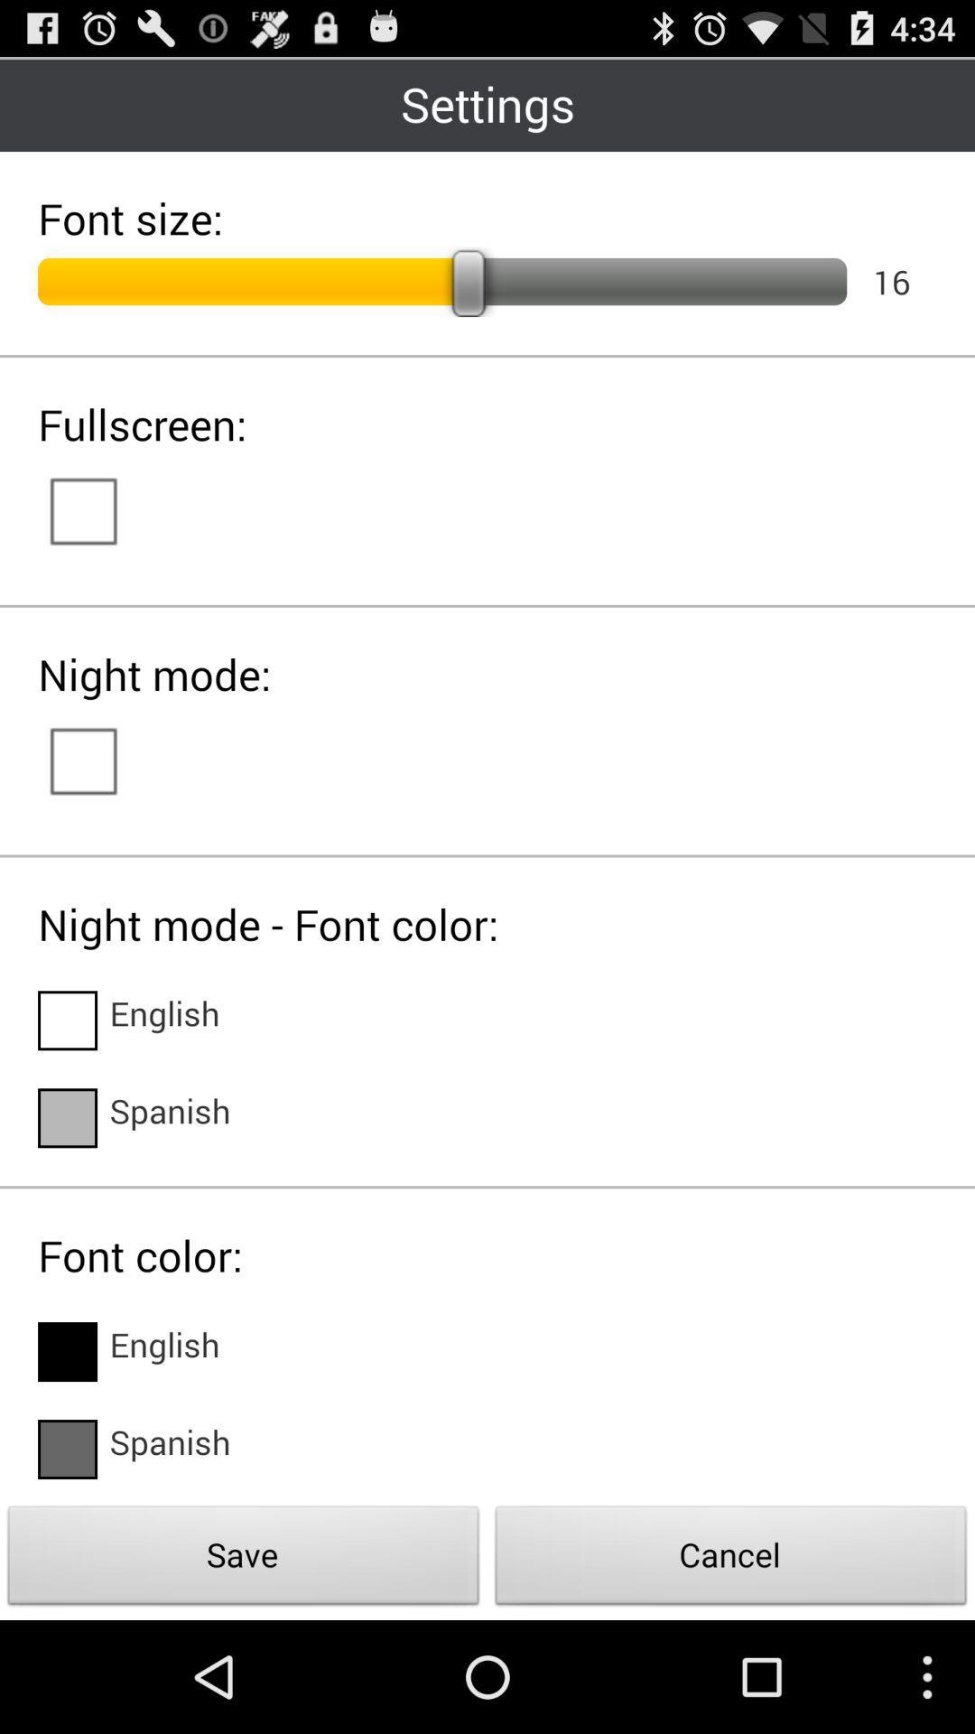  I want to click on change night mode font color, so click(66, 1021).